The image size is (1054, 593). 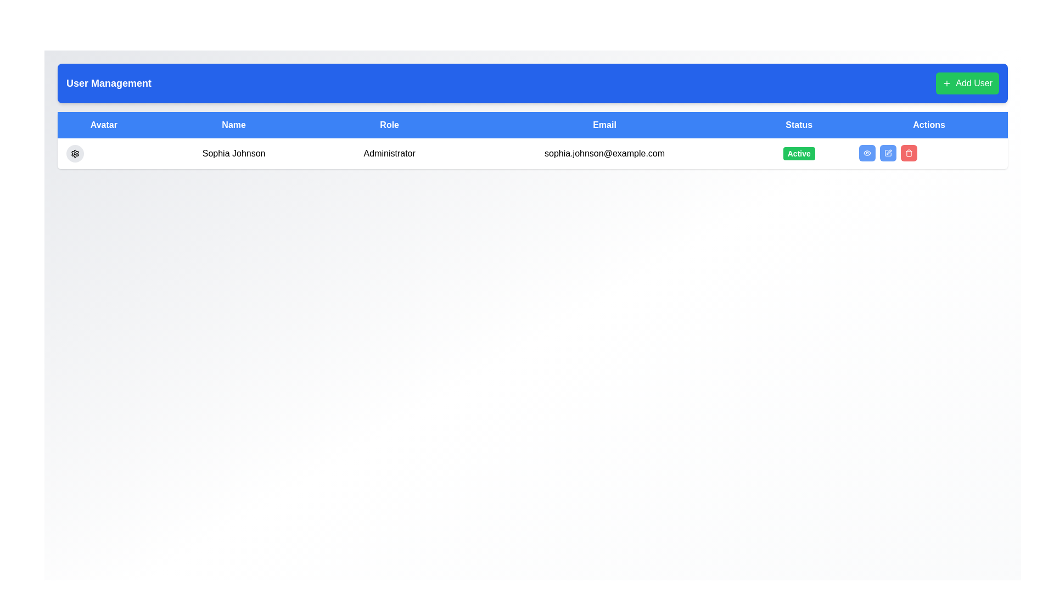 I want to click on the addition icon within the 'Add User' button, so click(x=946, y=82).